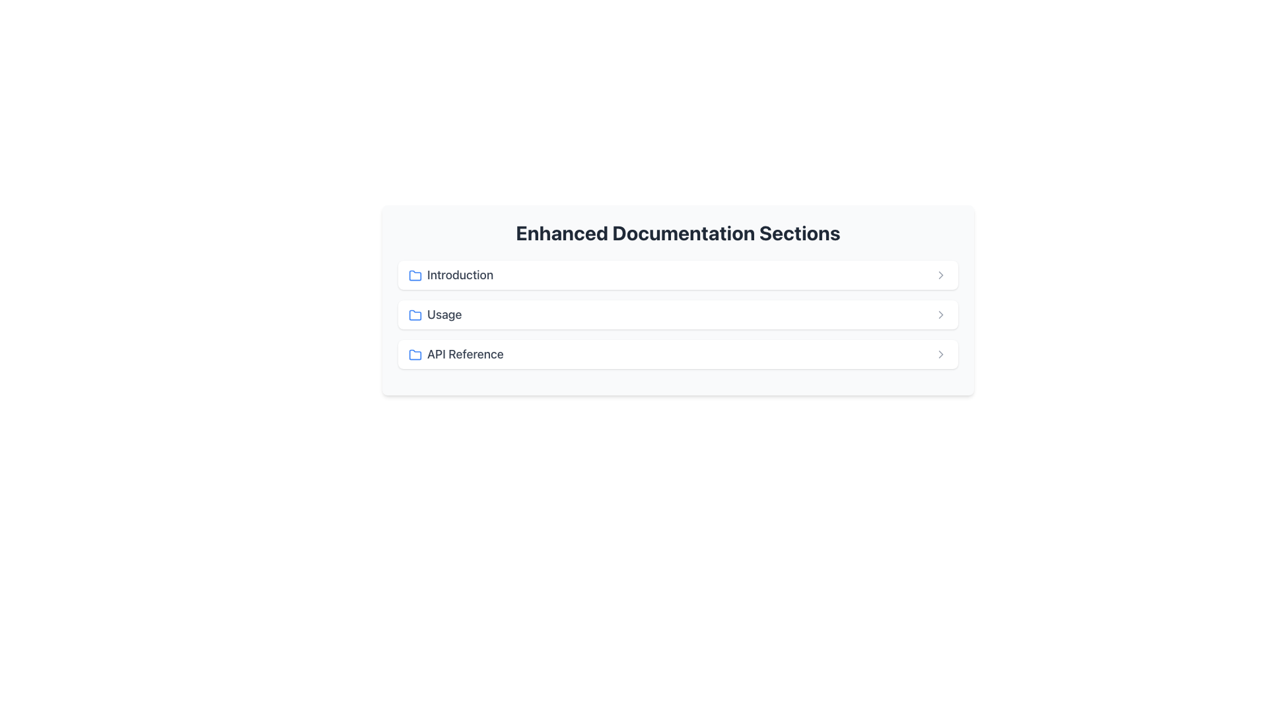 Image resolution: width=1268 pixels, height=713 pixels. Describe the element at coordinates (678, 315) in the screenshot. I see `the second entry in the vertical list titled 'Enhanced Documentation Sections', which allows access to the 'Usage' section of the documentation` at that location.